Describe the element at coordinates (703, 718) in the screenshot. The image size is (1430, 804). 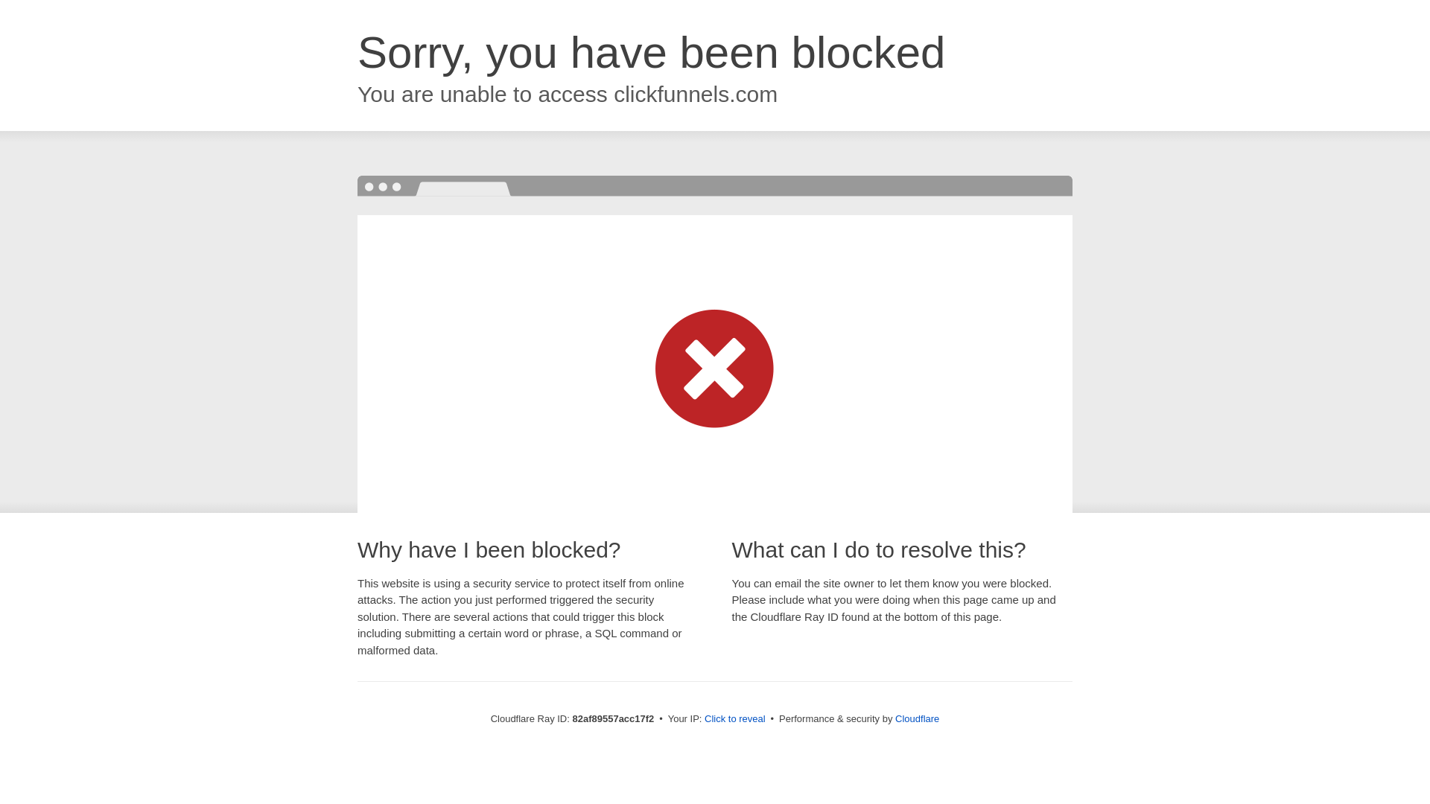
I see `'Click to reveal'` at that location.